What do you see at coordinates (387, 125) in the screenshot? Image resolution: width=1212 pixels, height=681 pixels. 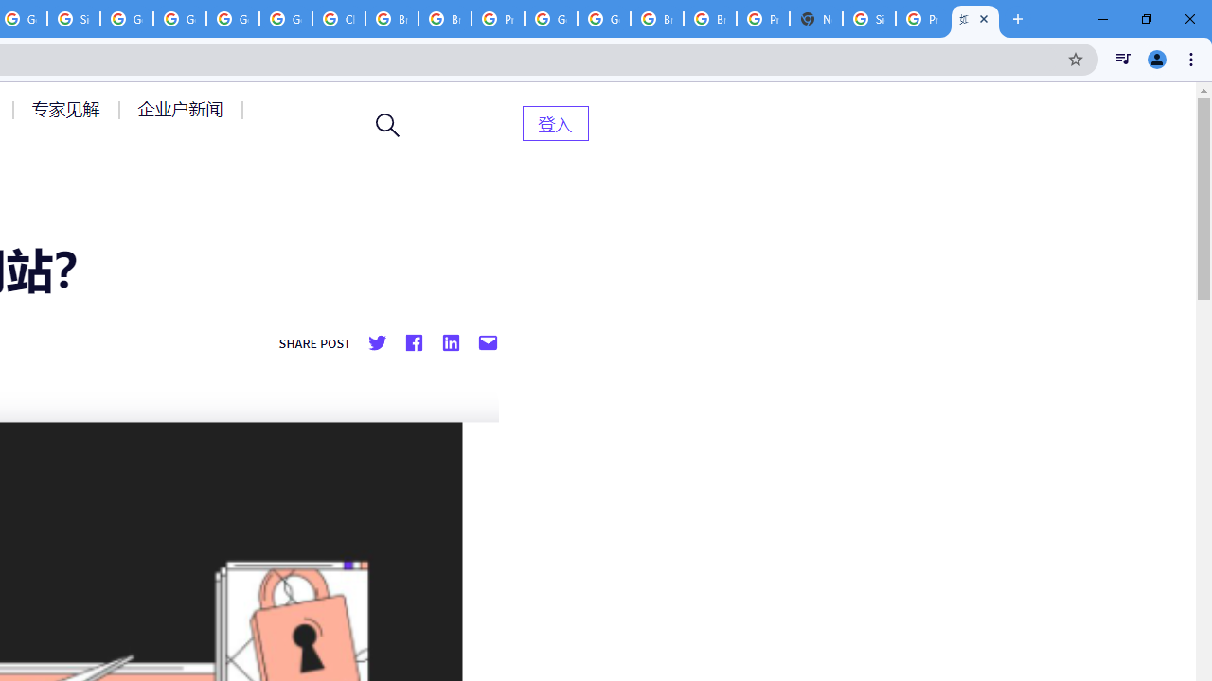 I see `'Open search form'` at bounding box center [387, 125].